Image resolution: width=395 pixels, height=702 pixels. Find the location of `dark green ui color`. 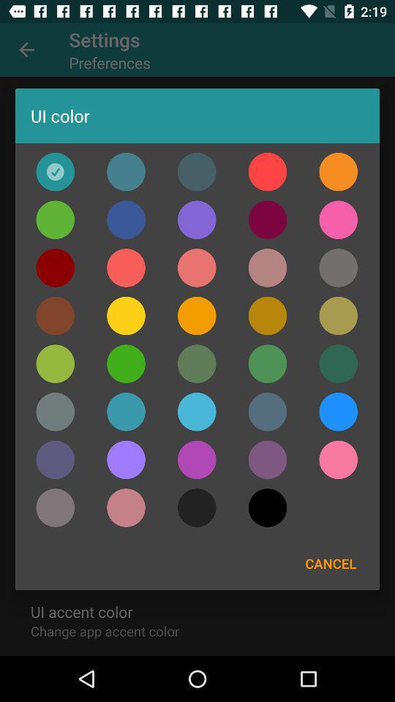

dark green ui color is located at coordinates (338, 363).